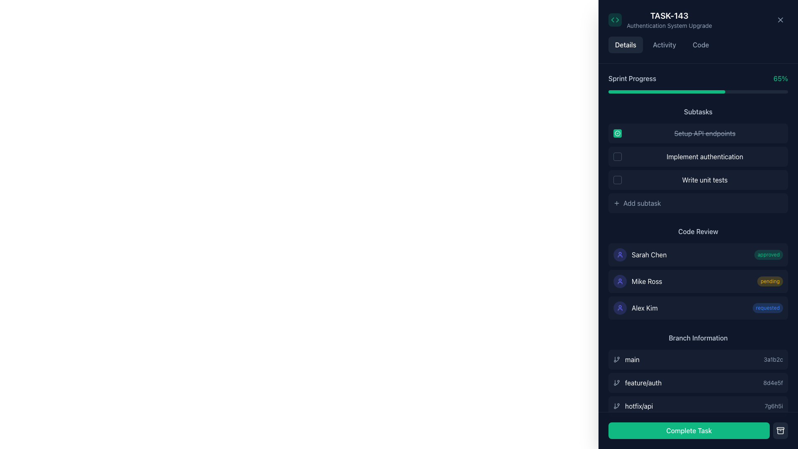 This screenshot has height=449, width=798. What do you see at coordinates (698, 179) in the screenshot?
I see `the third subtask item in the 'Subtasks' section to copy its text by clicking on the checkbox` at bounding box center [698, 179].